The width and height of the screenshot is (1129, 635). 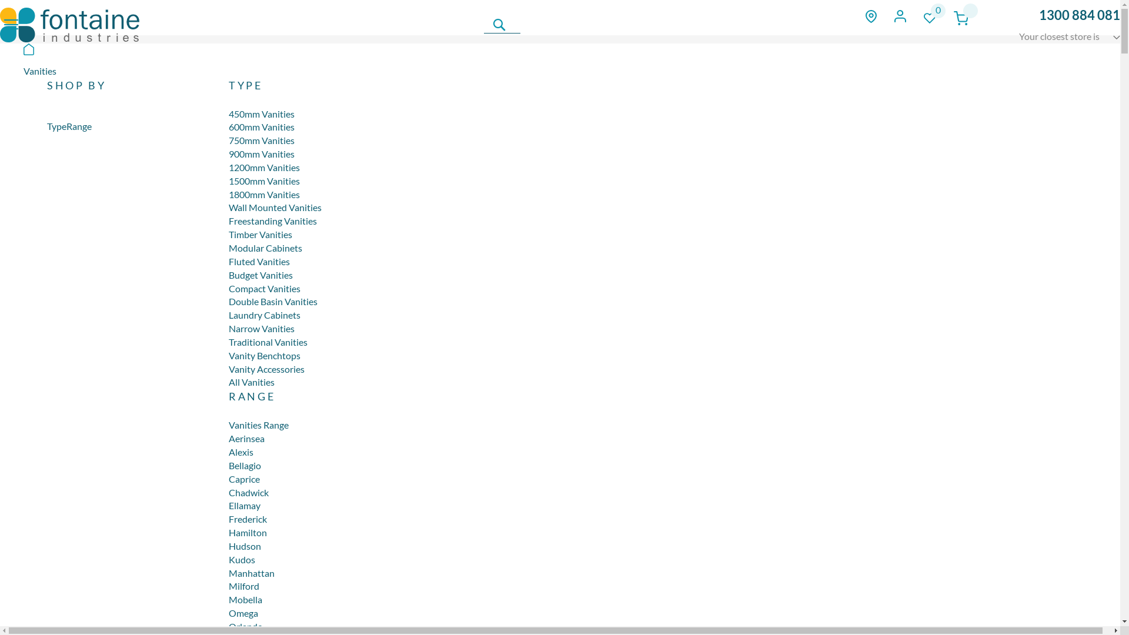 I want to click on 'Budget Vanities', so click(x=260, y=275).